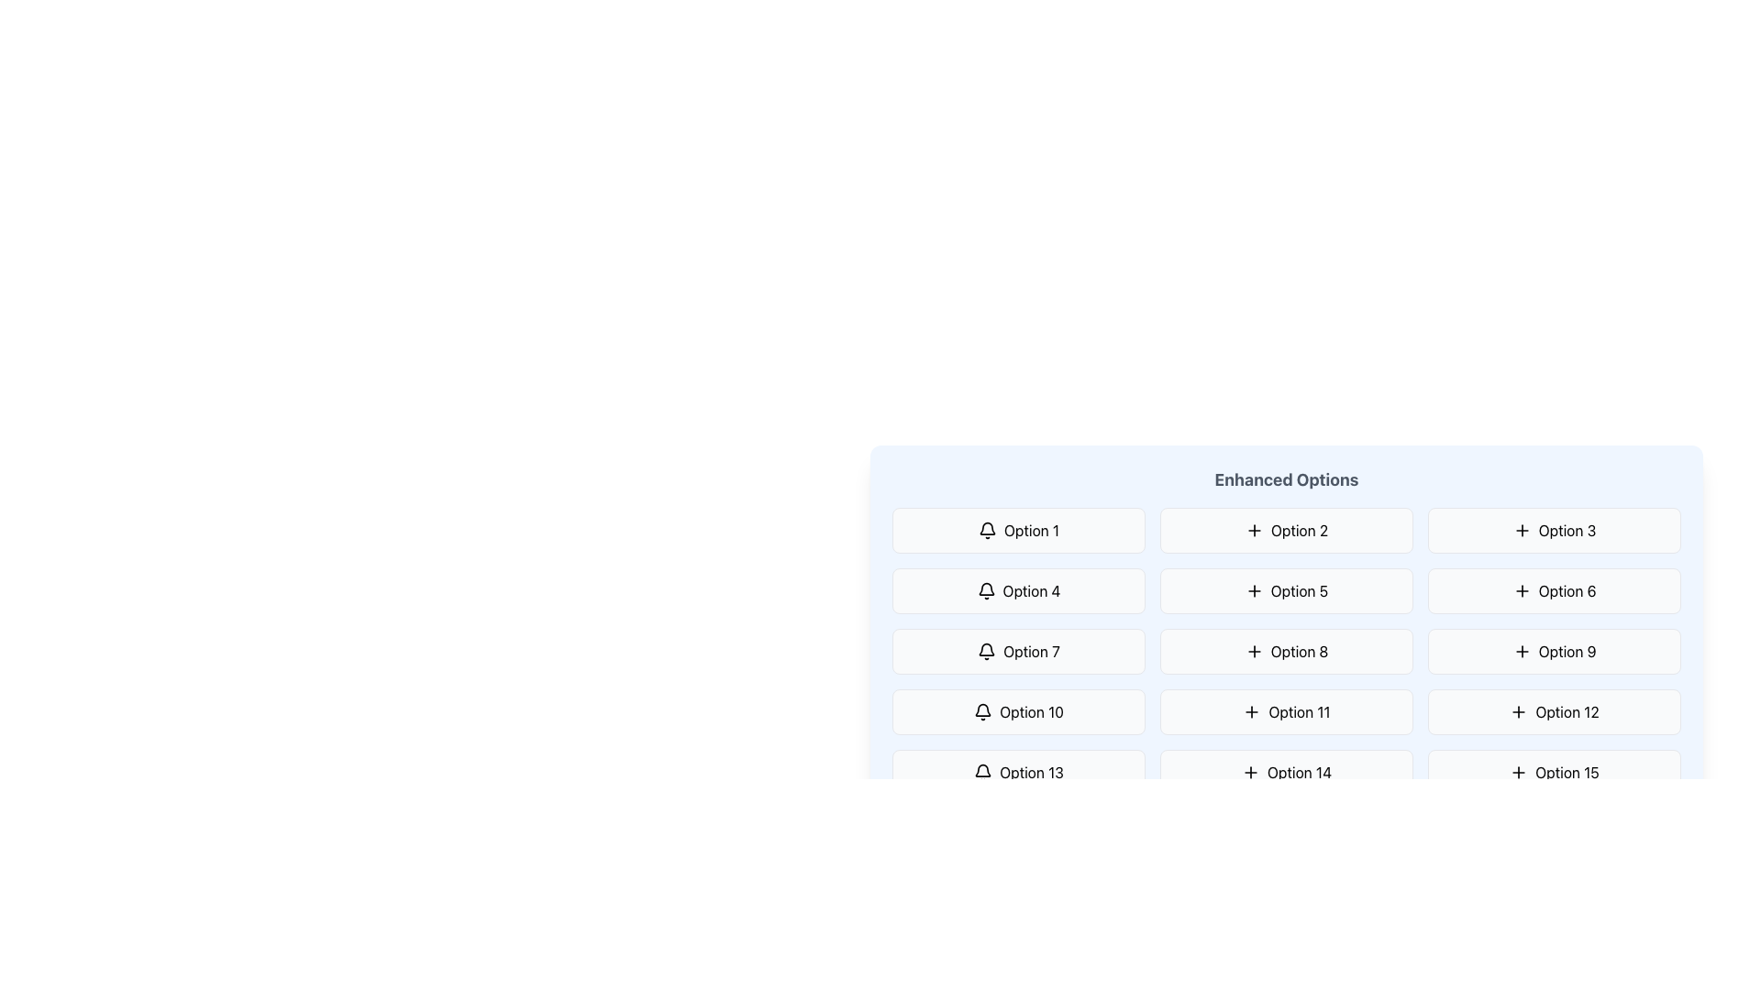 This screenshot has height=990, width=1761. What do you see at coordinates (1522, 650) in the screenshot?
I see `the compact '+' icon located within the button labeled 'Option 9', which is centered in the grid layout titled 'Enhanced Options'` at bounding box center [1522, 650].